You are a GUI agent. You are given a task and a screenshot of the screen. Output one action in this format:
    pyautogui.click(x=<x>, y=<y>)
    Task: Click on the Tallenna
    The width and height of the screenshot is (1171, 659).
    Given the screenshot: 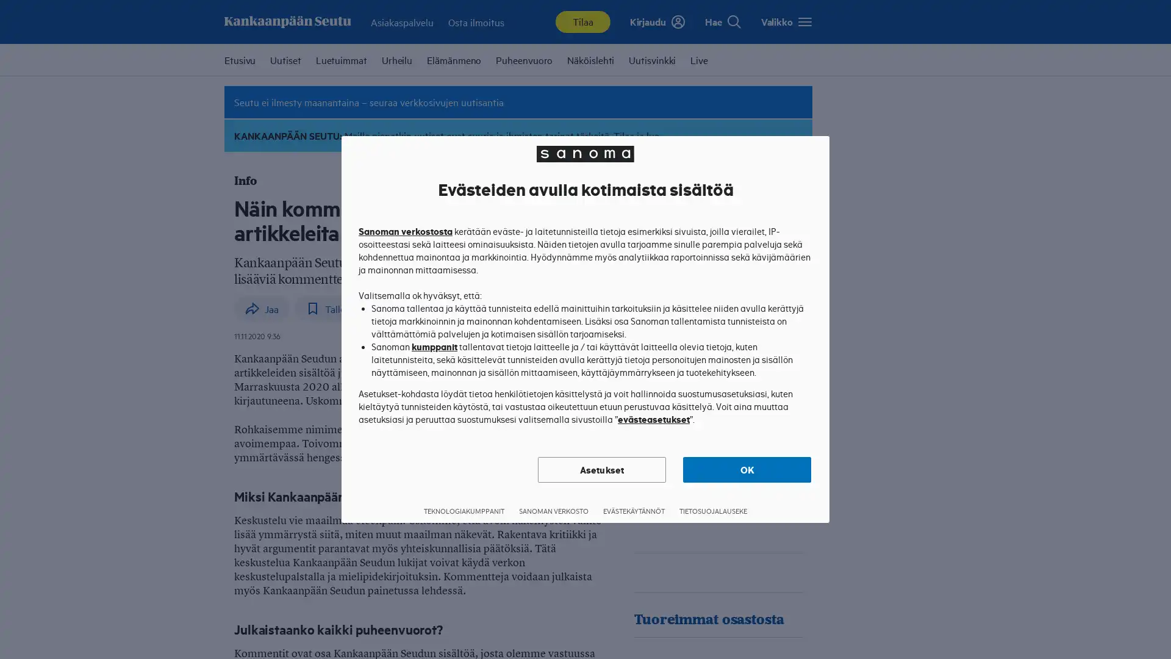 What is the action you would take?
    pyautogui.click(x=333, y=308)
    